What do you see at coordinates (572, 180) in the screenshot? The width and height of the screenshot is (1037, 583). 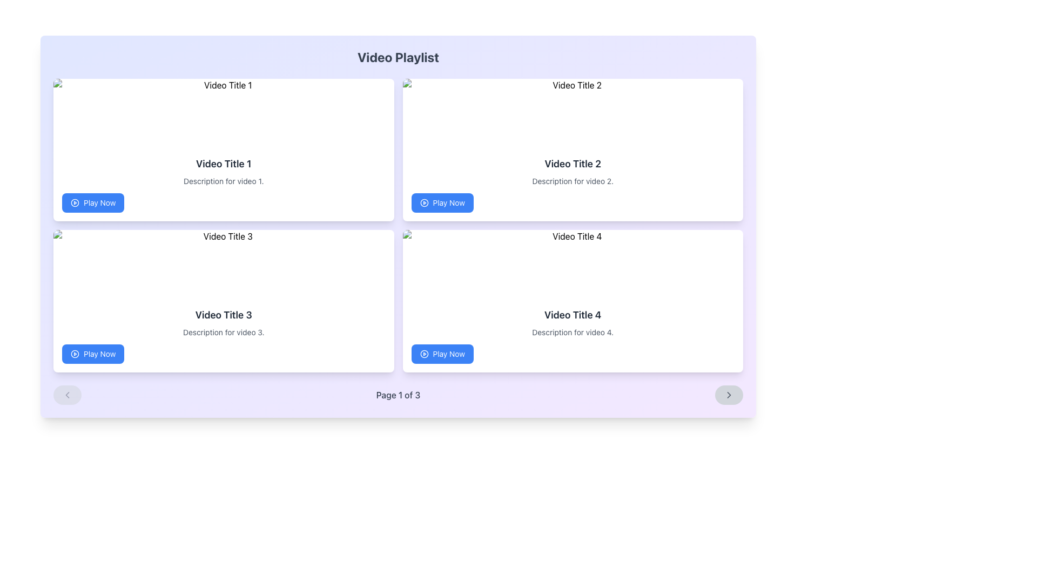 I see `non-interactive text label that provides additional context about 'Video Title 2', positioned below the header and above the 'Play Now' button` at bounding box center [572, 180].